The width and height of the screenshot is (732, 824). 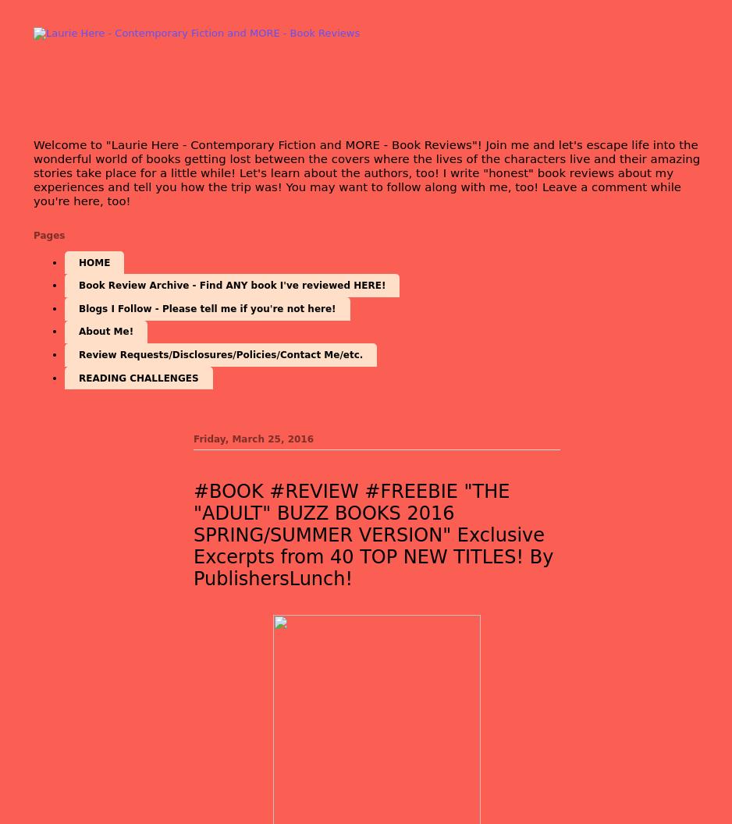 I want to click on 'Book Review Archive - Find ANY book I've reviewed HERE!', so click(x=232, y=285).